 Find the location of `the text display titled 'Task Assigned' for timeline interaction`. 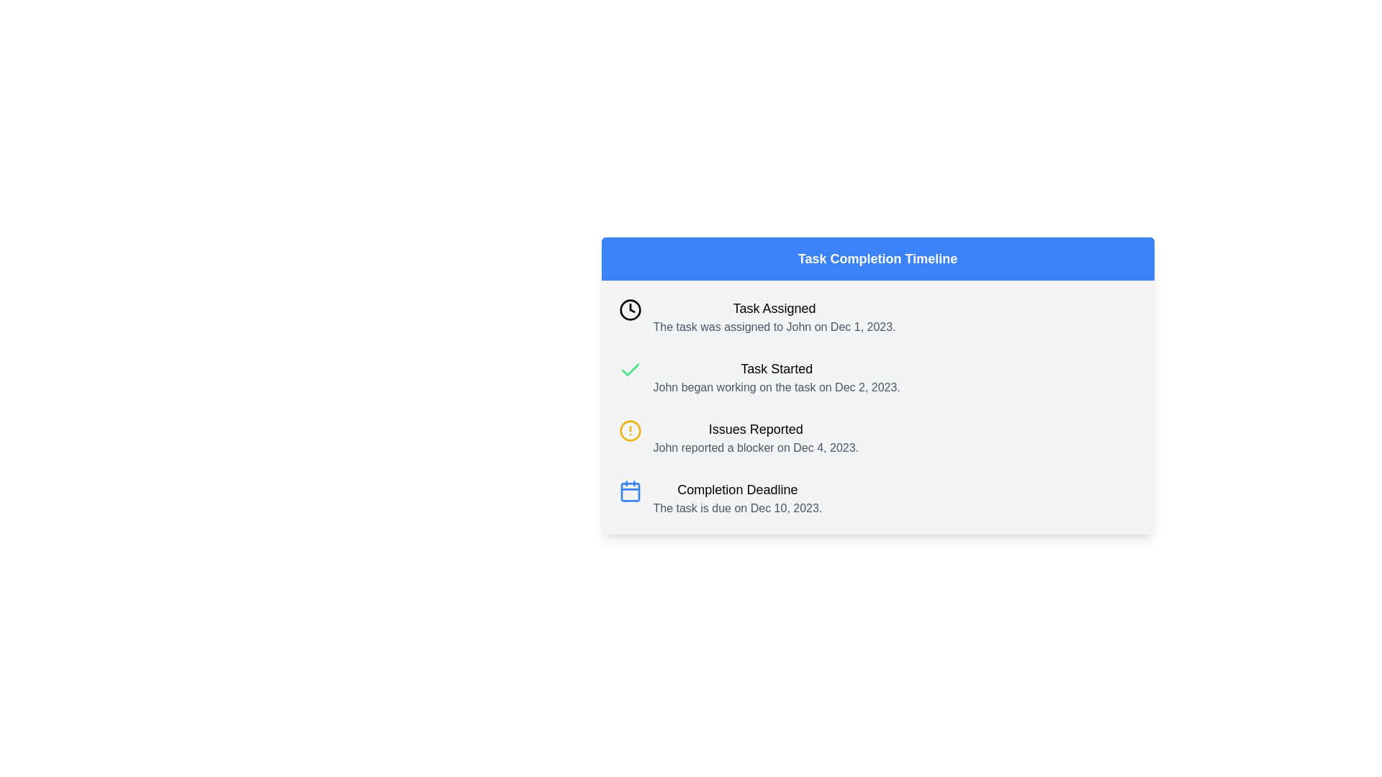

the text display titled 'Task Assigned' for timeline interaction is located at coordinates (773, 316).